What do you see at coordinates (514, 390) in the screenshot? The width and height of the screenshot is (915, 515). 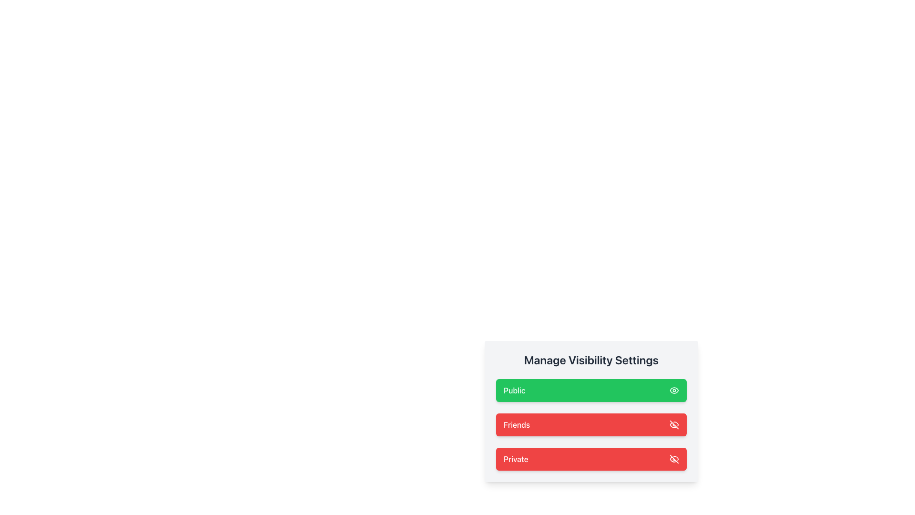 I see `the 'Public' text label located on the green button in the topmost row of a group of three options` at bounding box center [514, 390].